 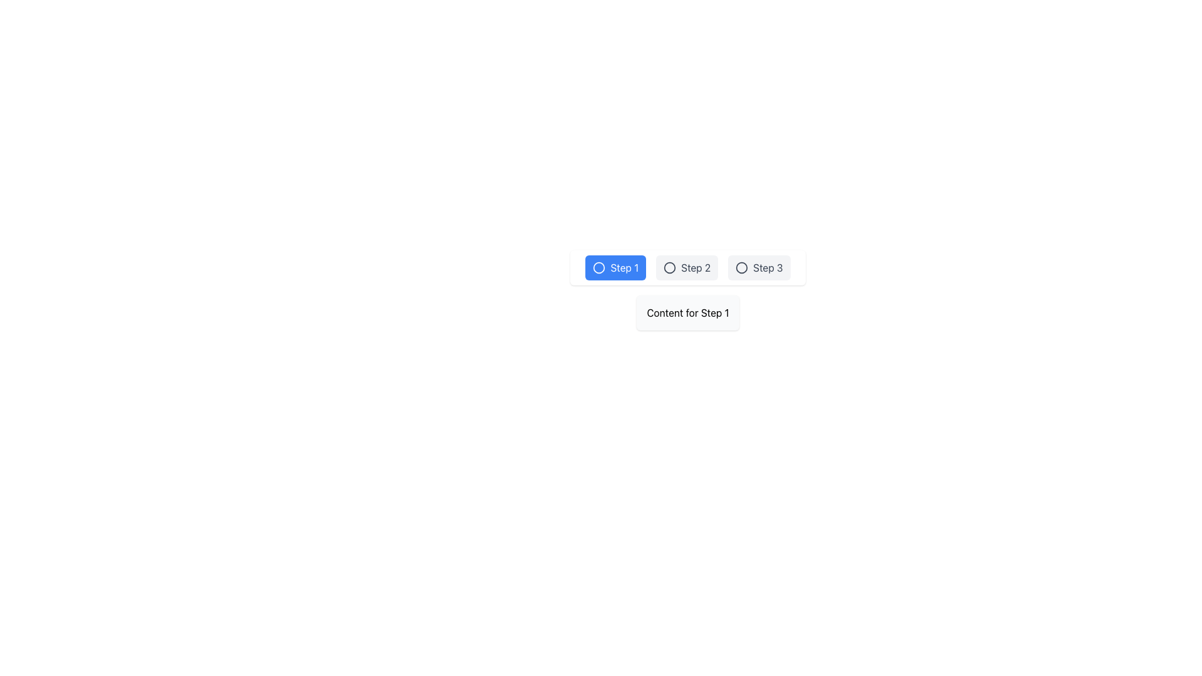 What do you see at coordinates (742, 267) in the screenshot?
I see `the SVG circle icon located within the button labeled 'Step 3', which is the third button in the sequence` at bounding box center [742, 267].